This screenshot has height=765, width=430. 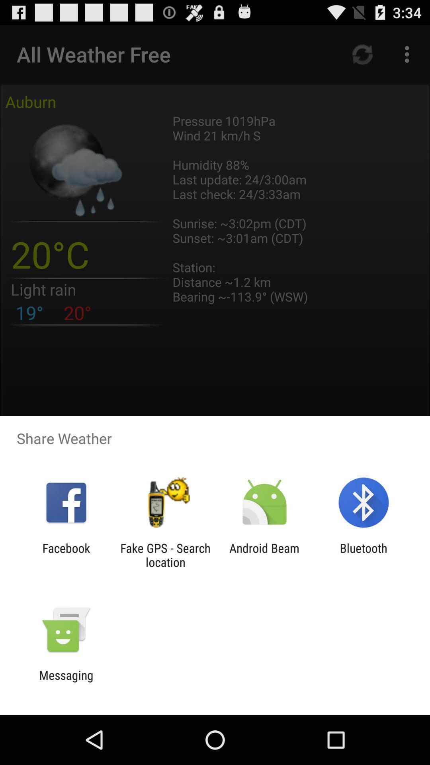 I want to click on the item next to bluetooth, so click(x=264, y=555).